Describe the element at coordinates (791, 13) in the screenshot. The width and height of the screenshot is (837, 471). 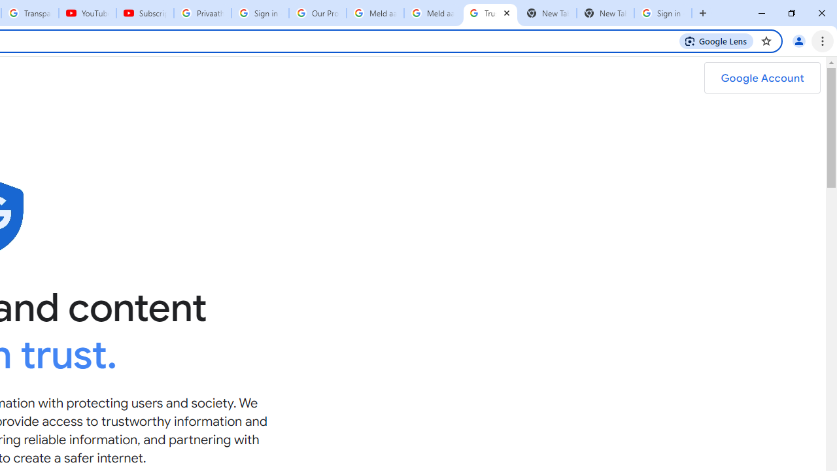
I see `'Restore'` at that location.